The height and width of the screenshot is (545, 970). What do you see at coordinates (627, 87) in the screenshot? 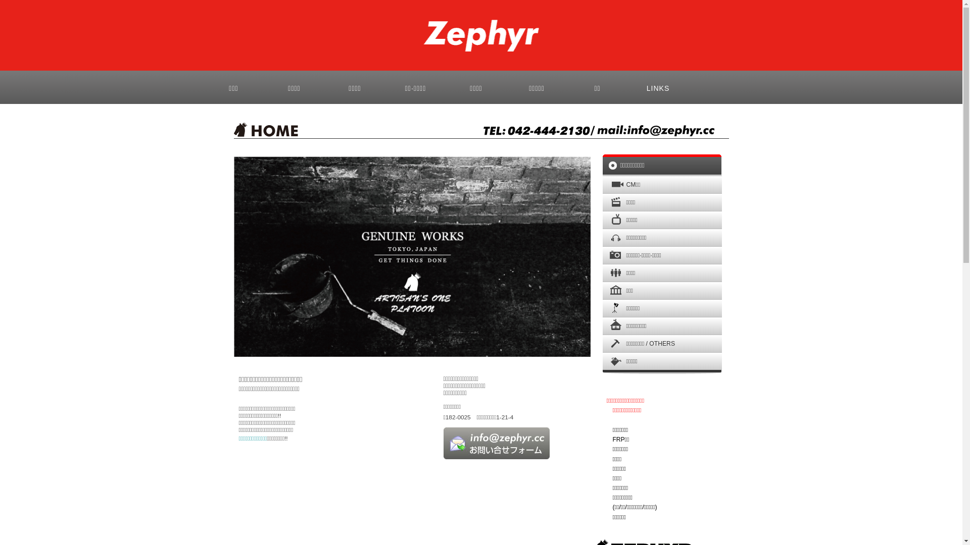
I see `'LINKS'` at bounding box center [627, 87].